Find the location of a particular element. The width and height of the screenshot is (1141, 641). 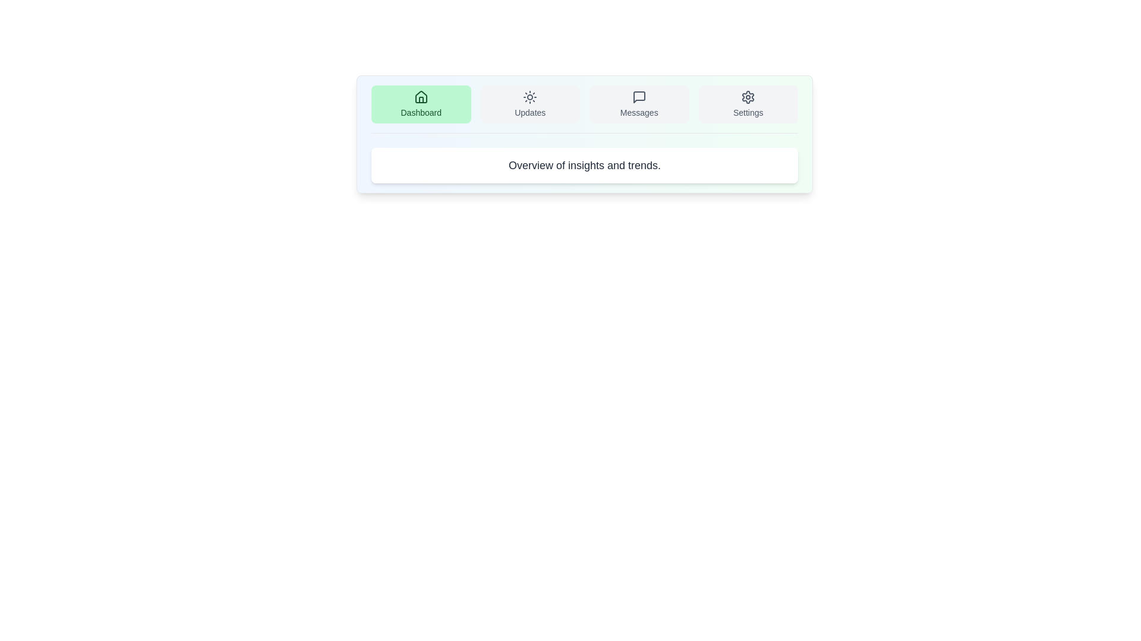

the Updates tab to view its content is located at coordinates (529, 104).